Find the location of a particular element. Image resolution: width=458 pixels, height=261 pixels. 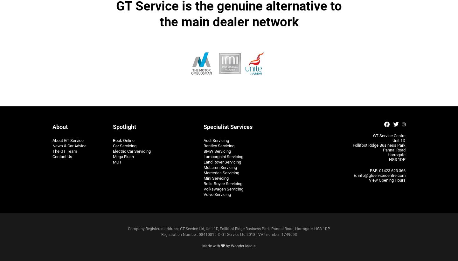

'Car Servicing' is located at coordinates (124, 145).